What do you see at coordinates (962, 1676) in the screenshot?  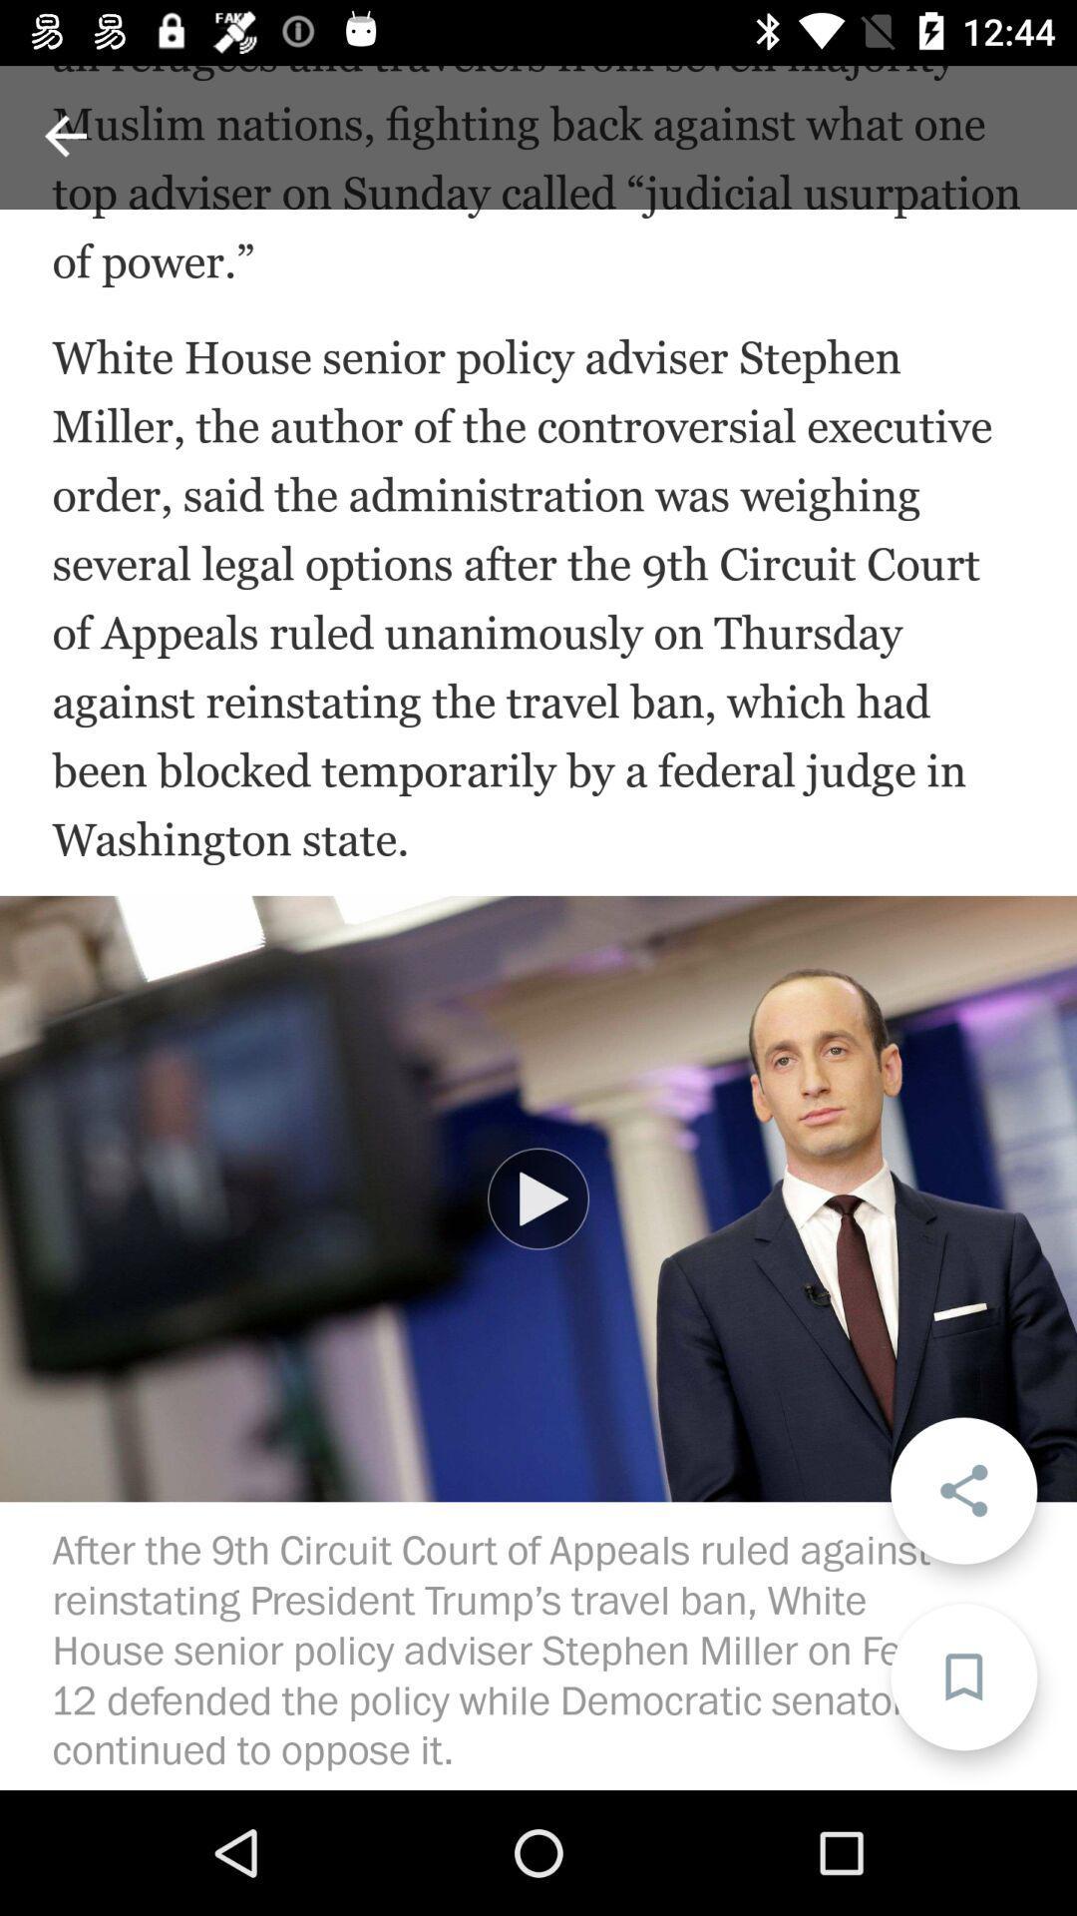 I see `the bookmark icon` at bounding box center [962, 1676].